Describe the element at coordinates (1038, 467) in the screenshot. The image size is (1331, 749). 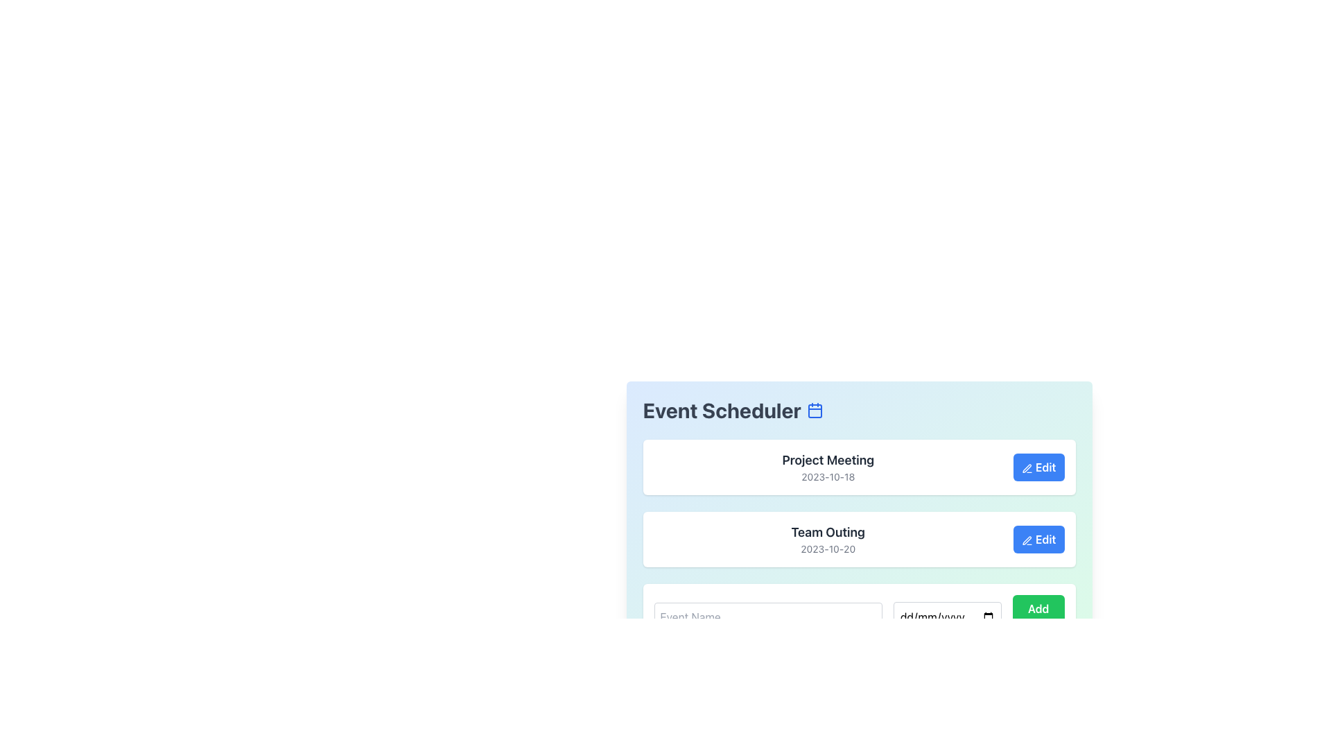
I see `the edit button located at the far right of the panel for the 'Project Meeting' event on date '2023-10-18'` at that location.